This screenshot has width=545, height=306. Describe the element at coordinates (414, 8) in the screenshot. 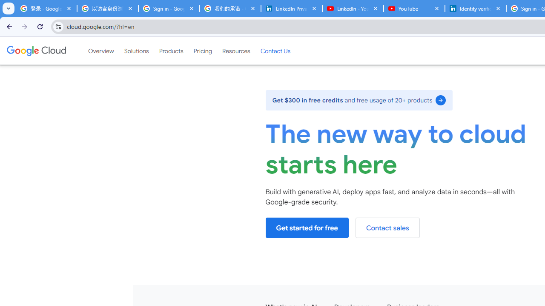

I see `'YouTube'` at that location.